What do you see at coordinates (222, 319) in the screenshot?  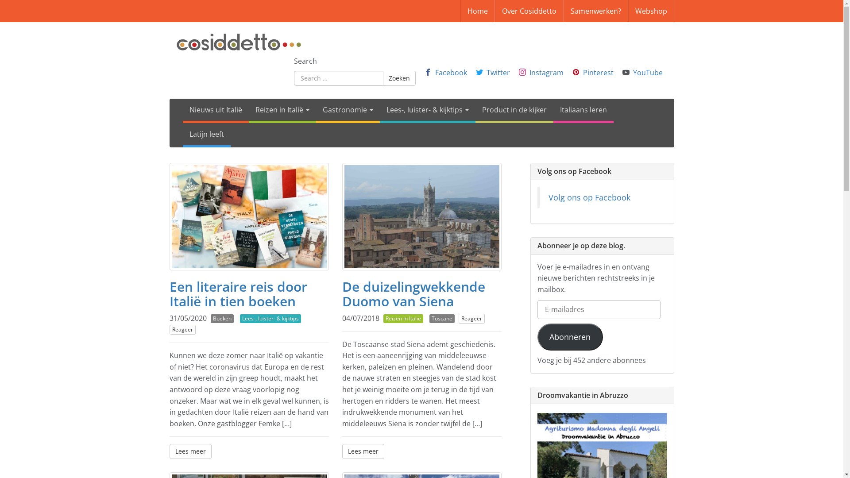 I see `'Boeken'` at bounding box center [222, 319].